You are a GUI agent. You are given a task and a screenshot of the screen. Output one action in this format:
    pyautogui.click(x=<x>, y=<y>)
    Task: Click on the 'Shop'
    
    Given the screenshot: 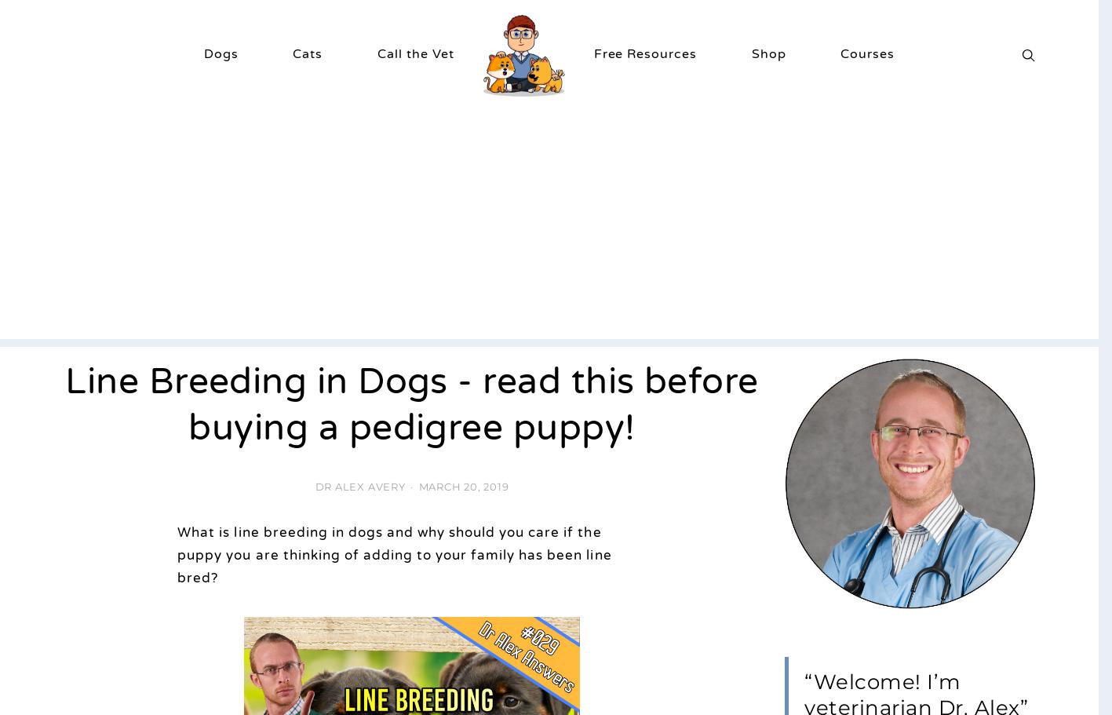 What is the action you would take?
    pyautogui.click(x=767, y=52)
    